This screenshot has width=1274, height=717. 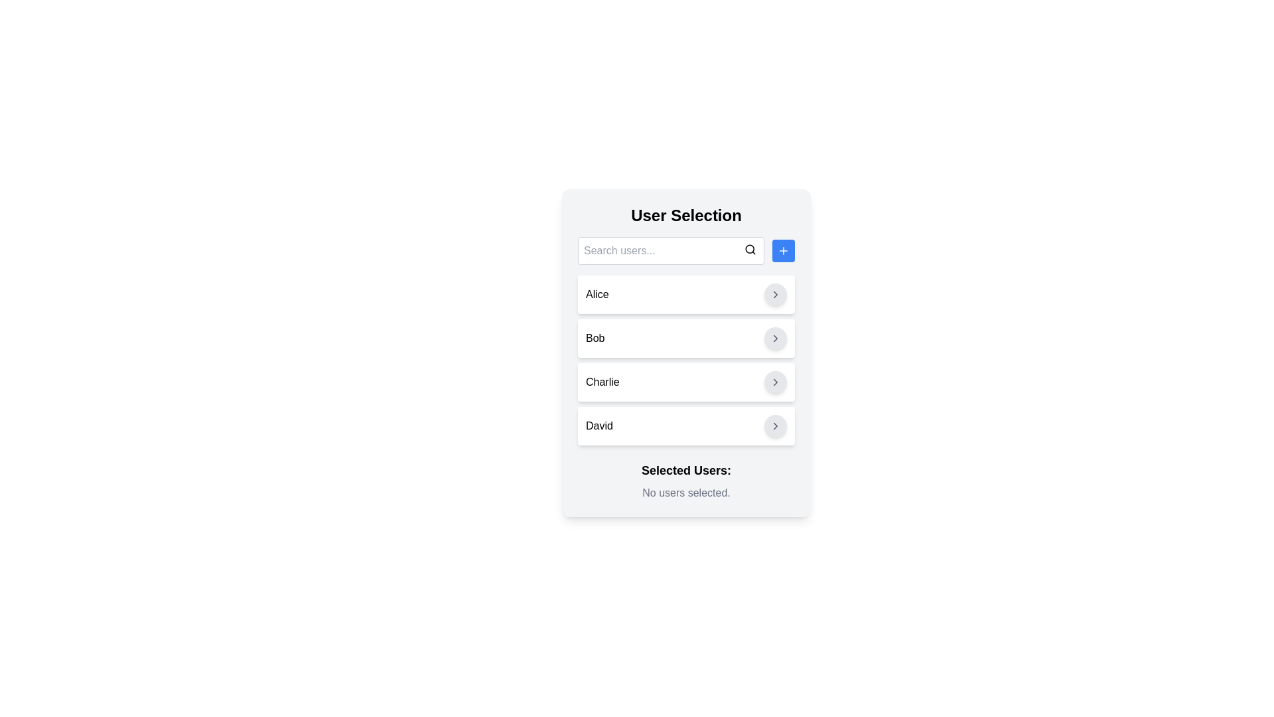 I want to click on keyboard navigation, so click(x=686, y=293).